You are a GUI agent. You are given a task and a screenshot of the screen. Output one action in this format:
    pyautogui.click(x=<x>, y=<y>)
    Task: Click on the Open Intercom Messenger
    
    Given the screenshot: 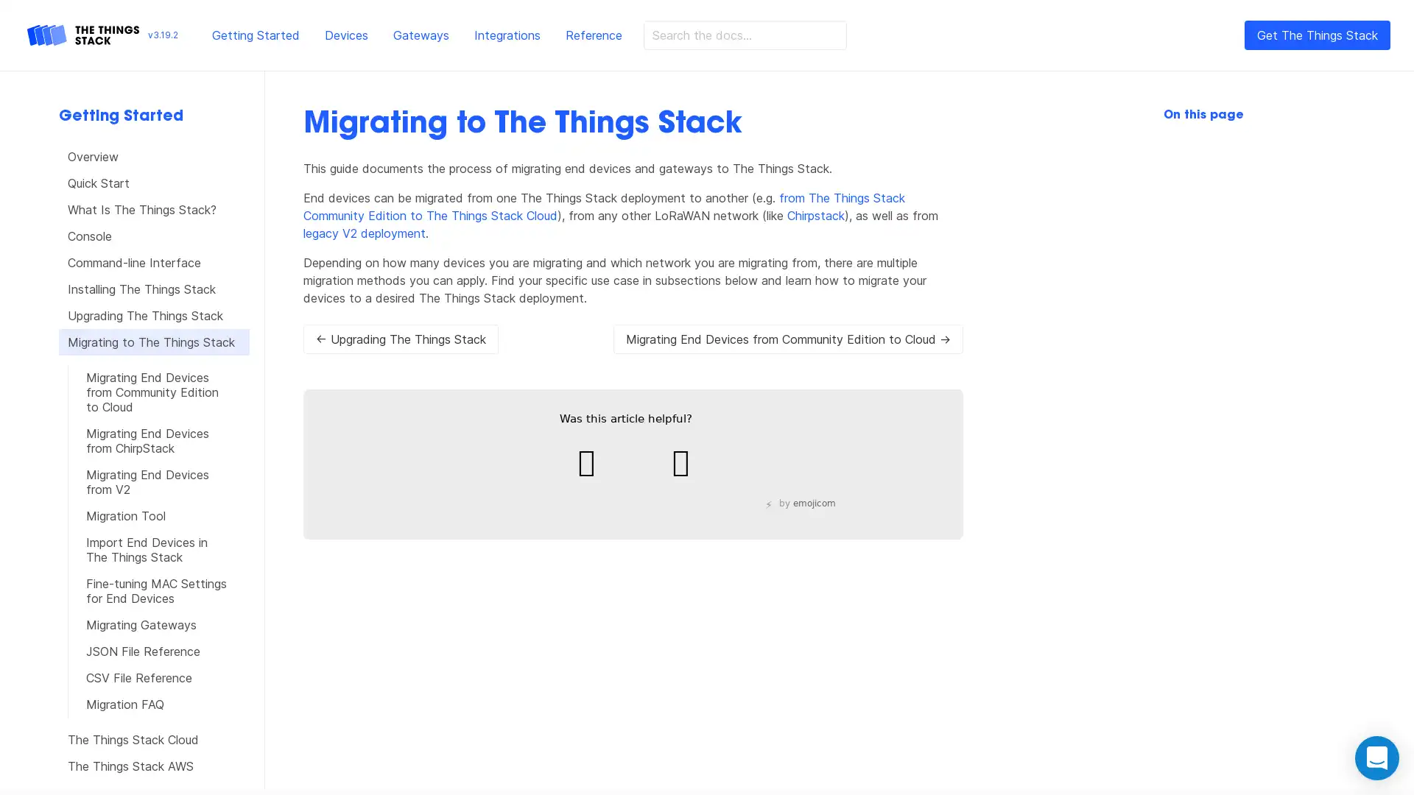 What is the action you would take?
    pyautogui.click(x=1376, y=757)
    